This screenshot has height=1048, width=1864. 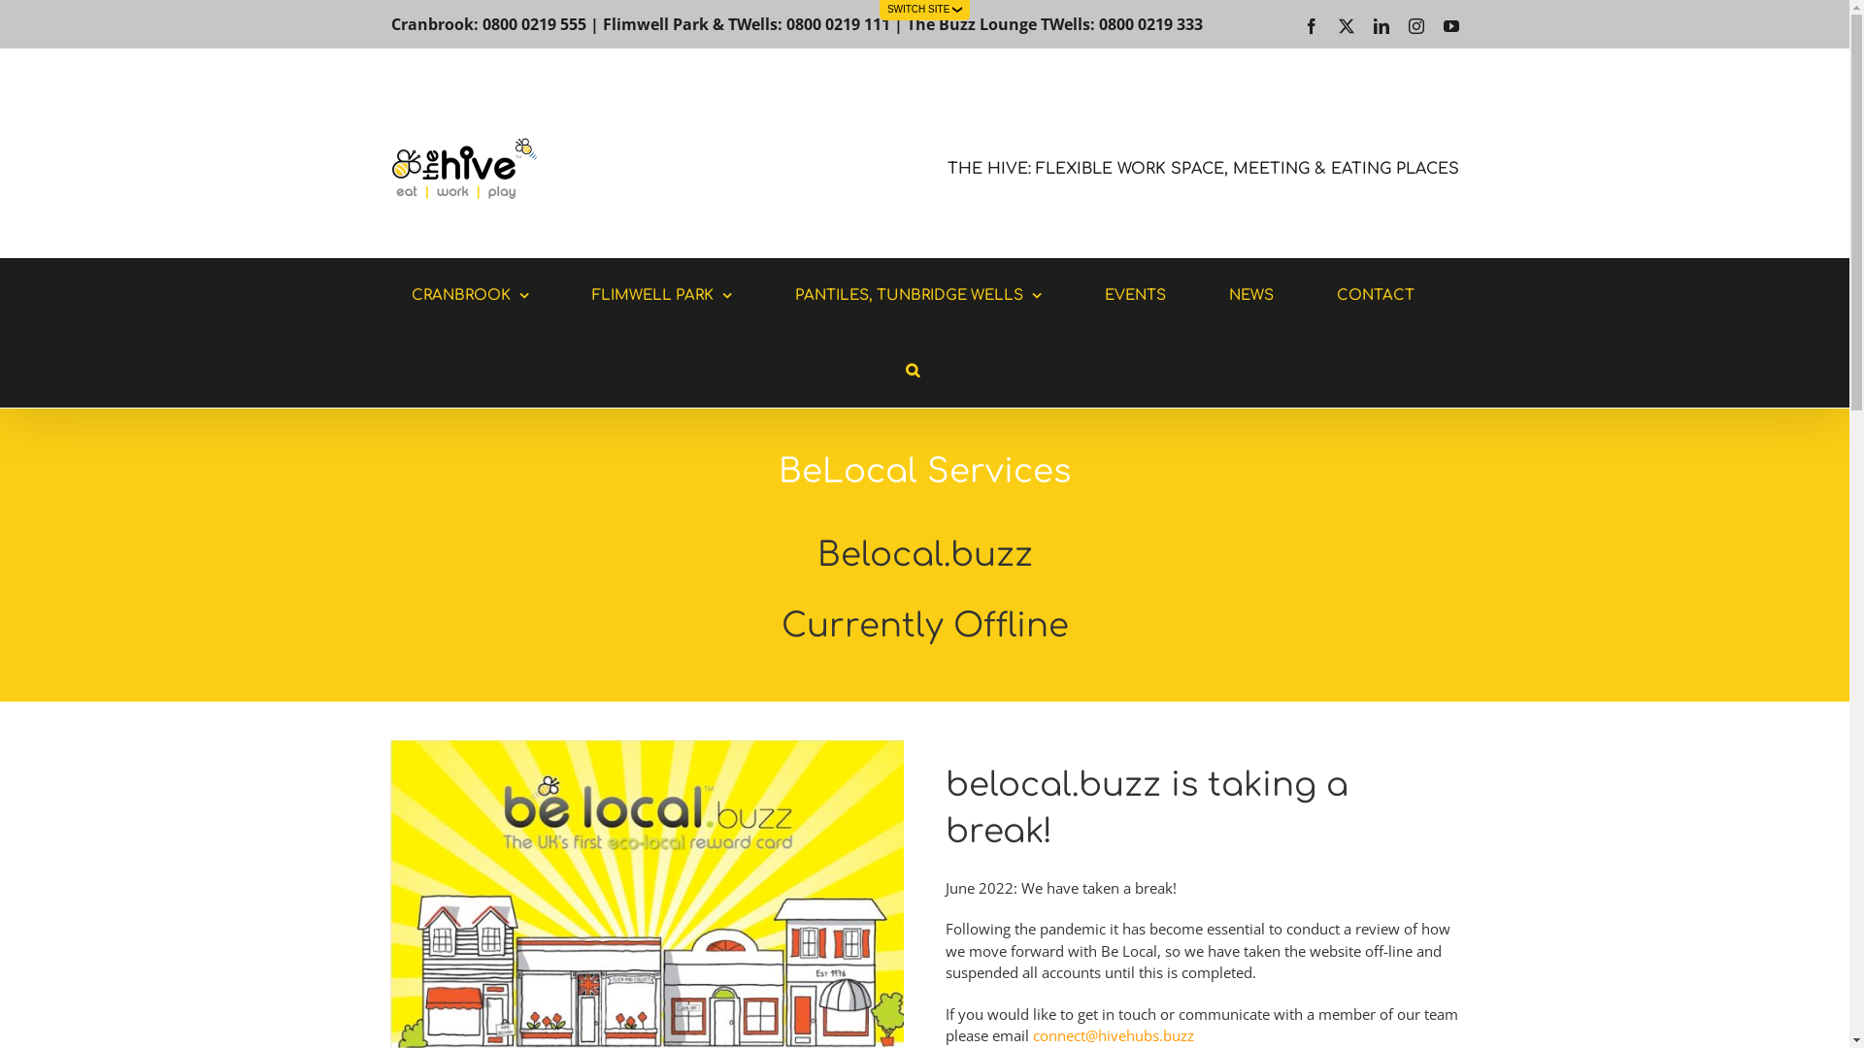 I want to click on 'FLIMWELL PARK', so click(x=661, y=295).